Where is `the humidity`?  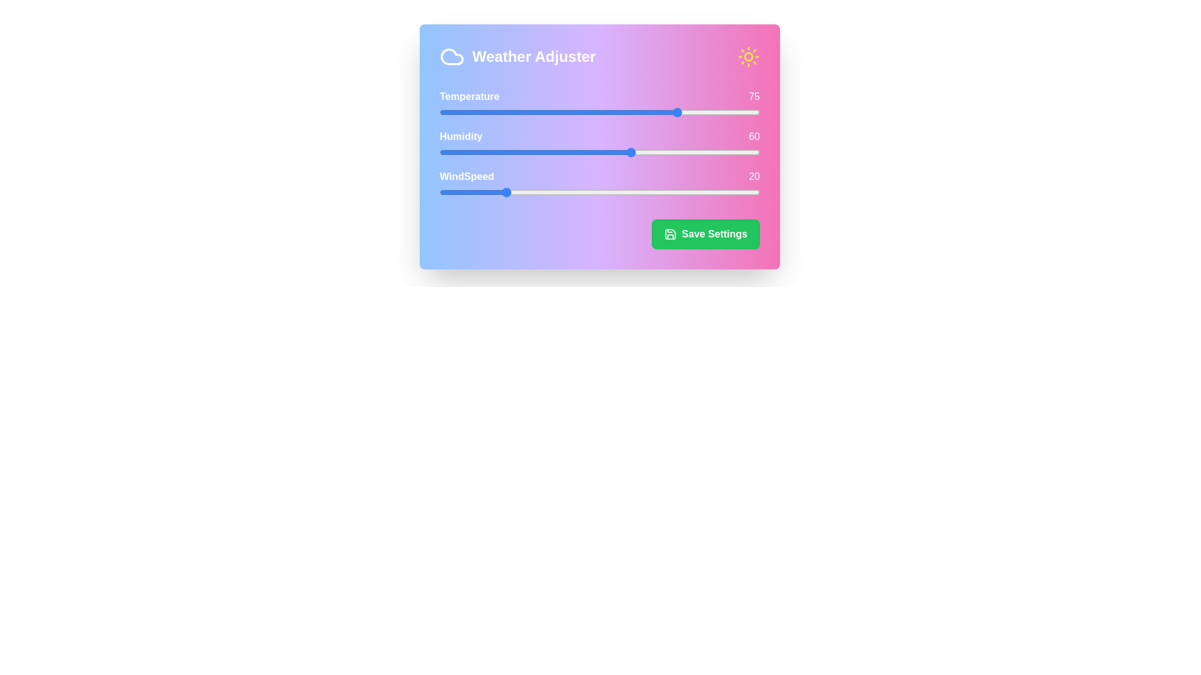
the humidity is located at coordinates (657, 151).